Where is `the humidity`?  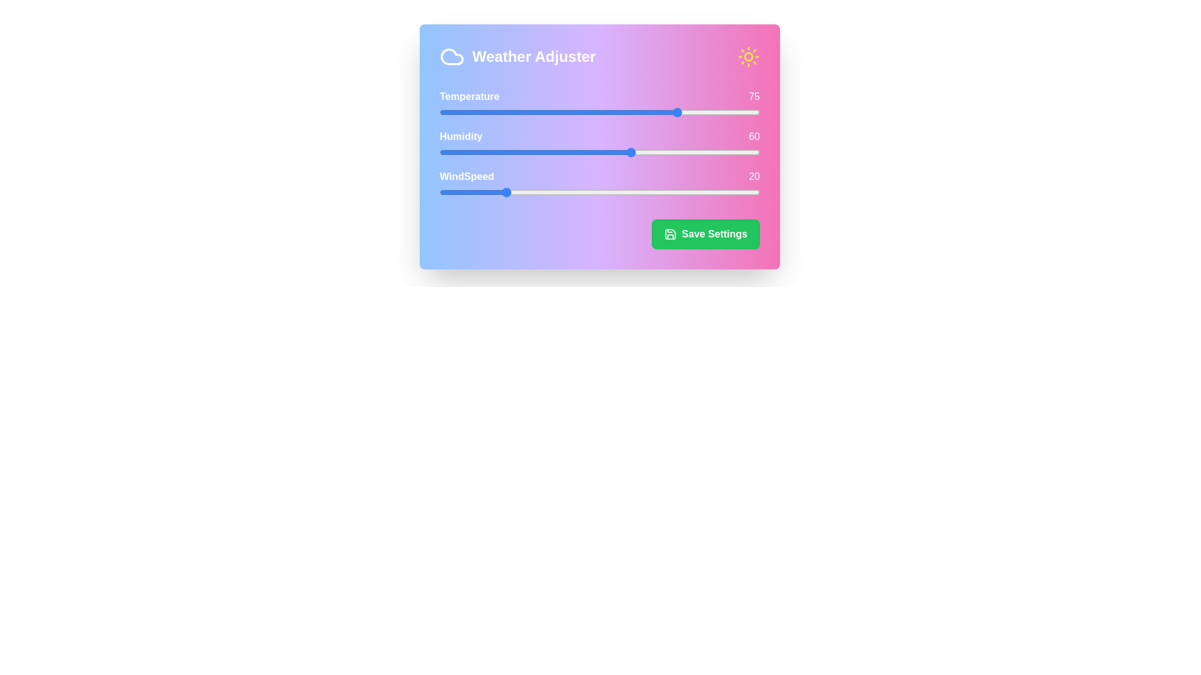
the humidity is located at coordinates (657, 151).